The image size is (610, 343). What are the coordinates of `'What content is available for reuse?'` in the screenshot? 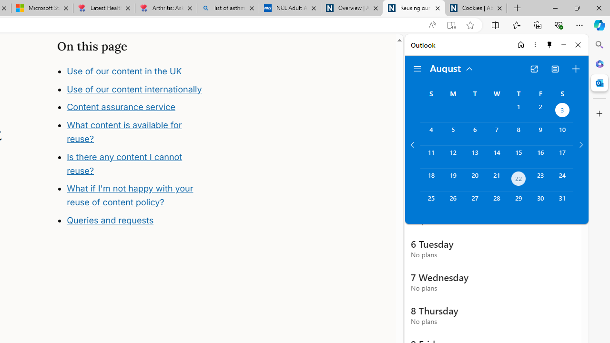 It's located at (123, 131).